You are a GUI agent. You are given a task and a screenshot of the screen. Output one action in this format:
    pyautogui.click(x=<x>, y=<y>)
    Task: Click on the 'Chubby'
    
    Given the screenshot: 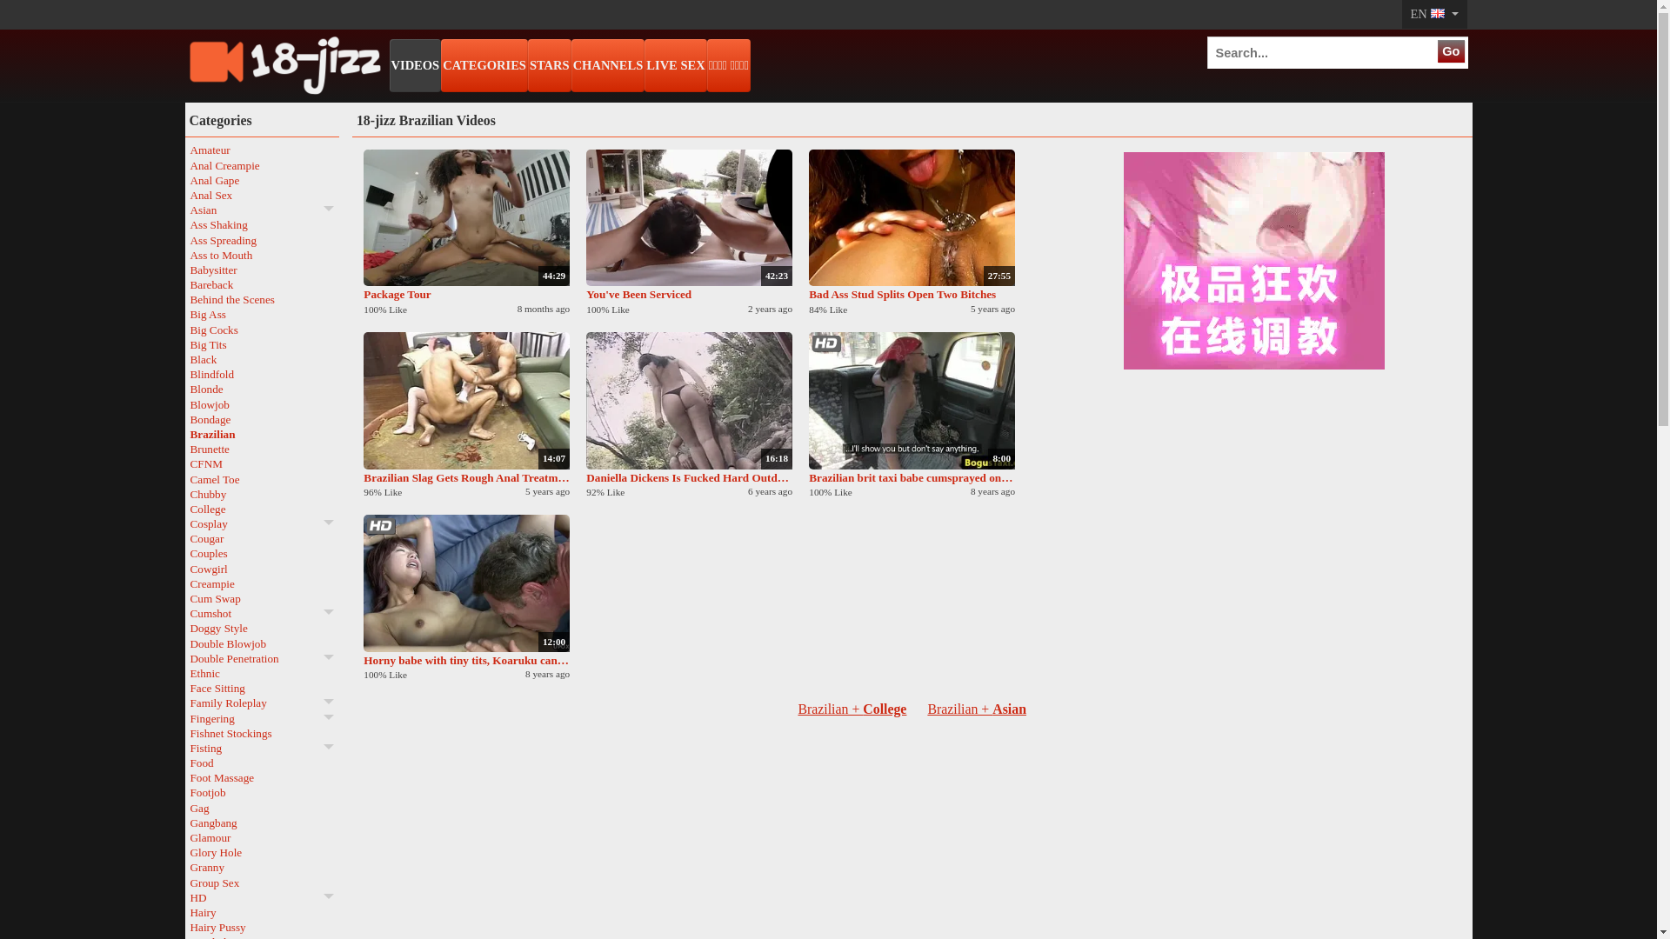 What is the action you would take?
    pyautogui.click(x=261, y=494)
    